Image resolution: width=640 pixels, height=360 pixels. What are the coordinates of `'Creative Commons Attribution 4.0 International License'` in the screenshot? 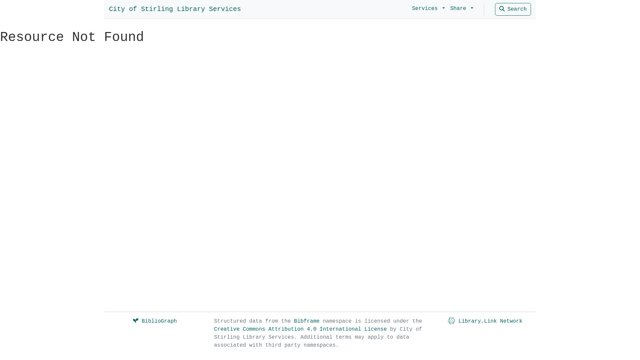 It's located at (300, 329).